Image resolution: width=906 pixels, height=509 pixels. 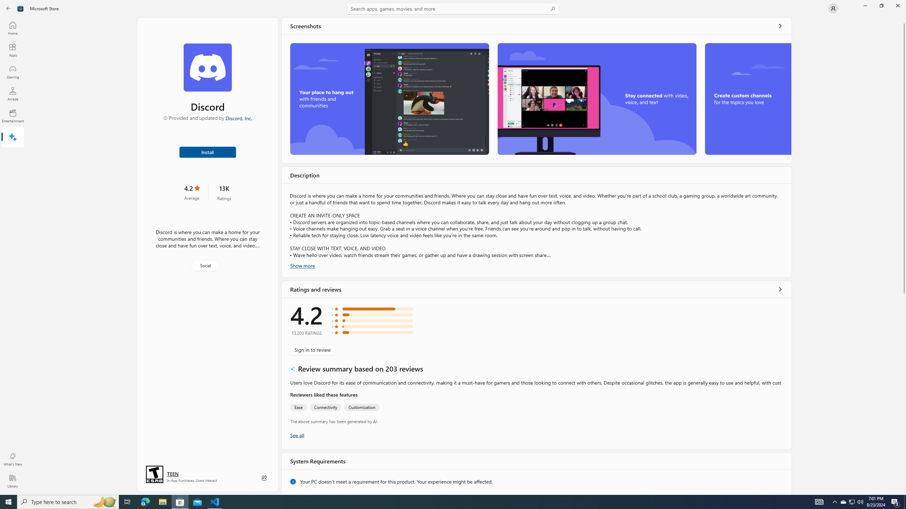 I want to click on 'Home', so click(x=12, y=28).